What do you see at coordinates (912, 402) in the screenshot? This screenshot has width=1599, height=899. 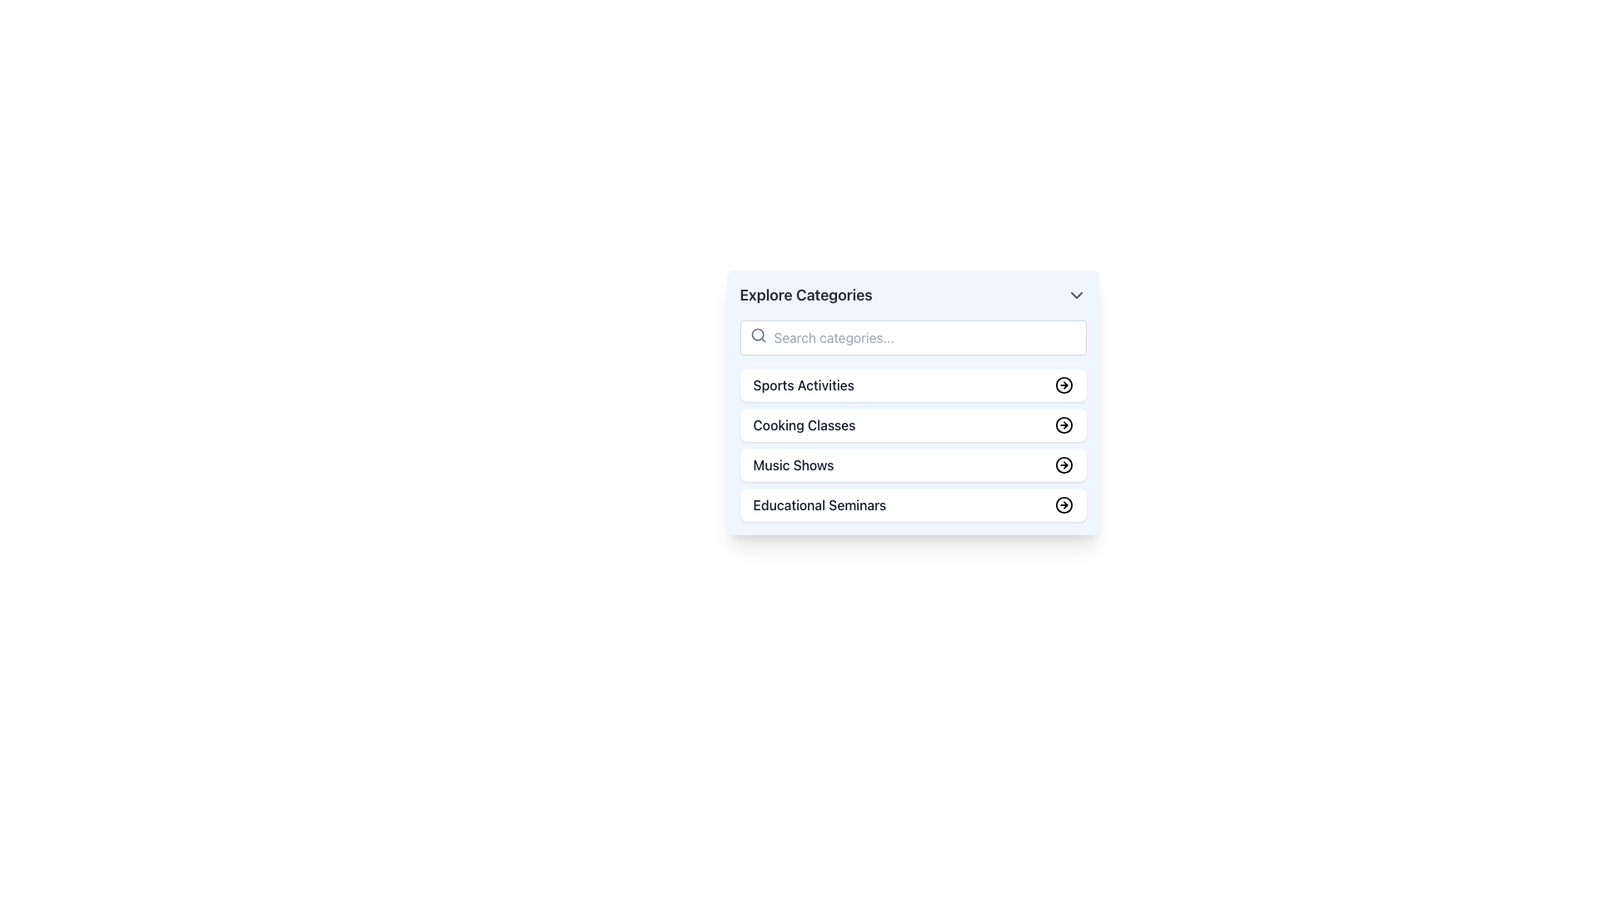 I see `the first button in the vertical stack under the 'Explore Categories' card` at bounding box center [912, 402].